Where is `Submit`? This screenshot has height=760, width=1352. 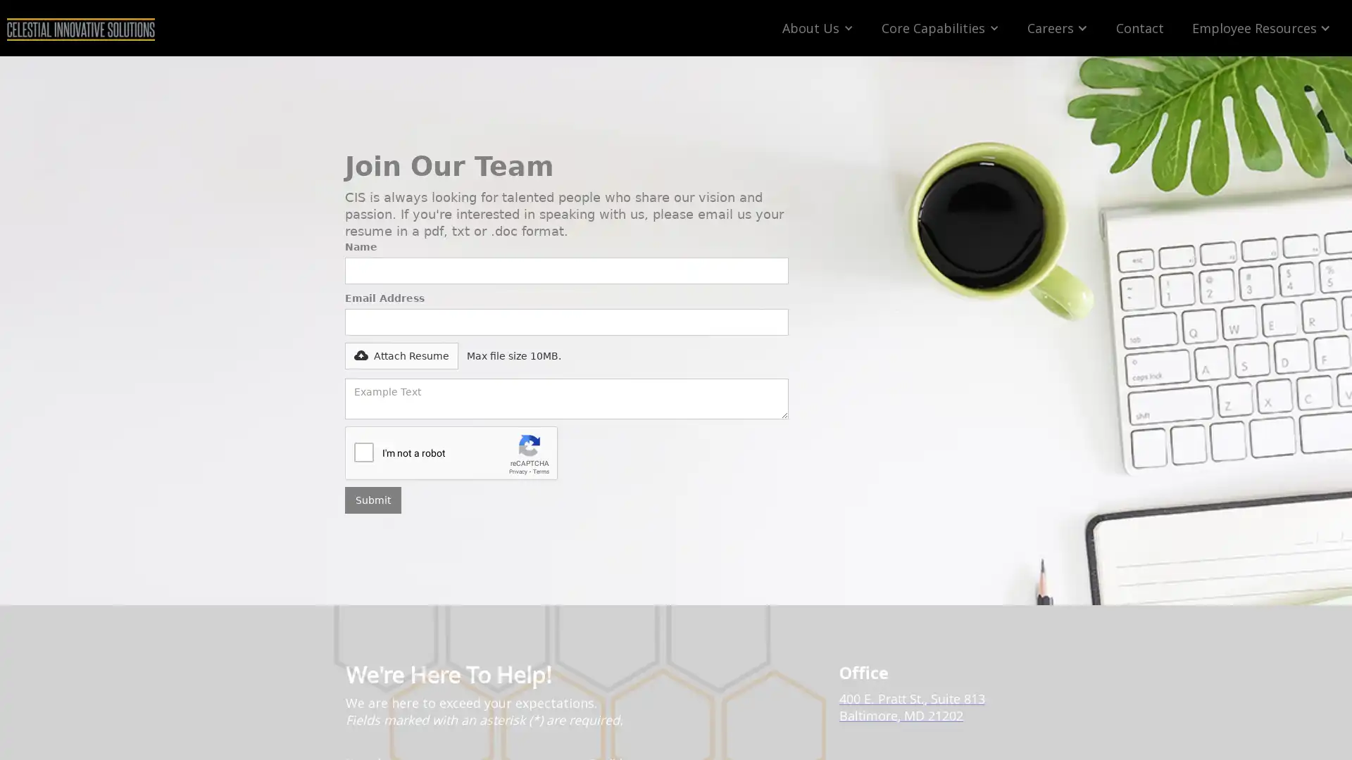
Submit is located at coordinates (373, 499).